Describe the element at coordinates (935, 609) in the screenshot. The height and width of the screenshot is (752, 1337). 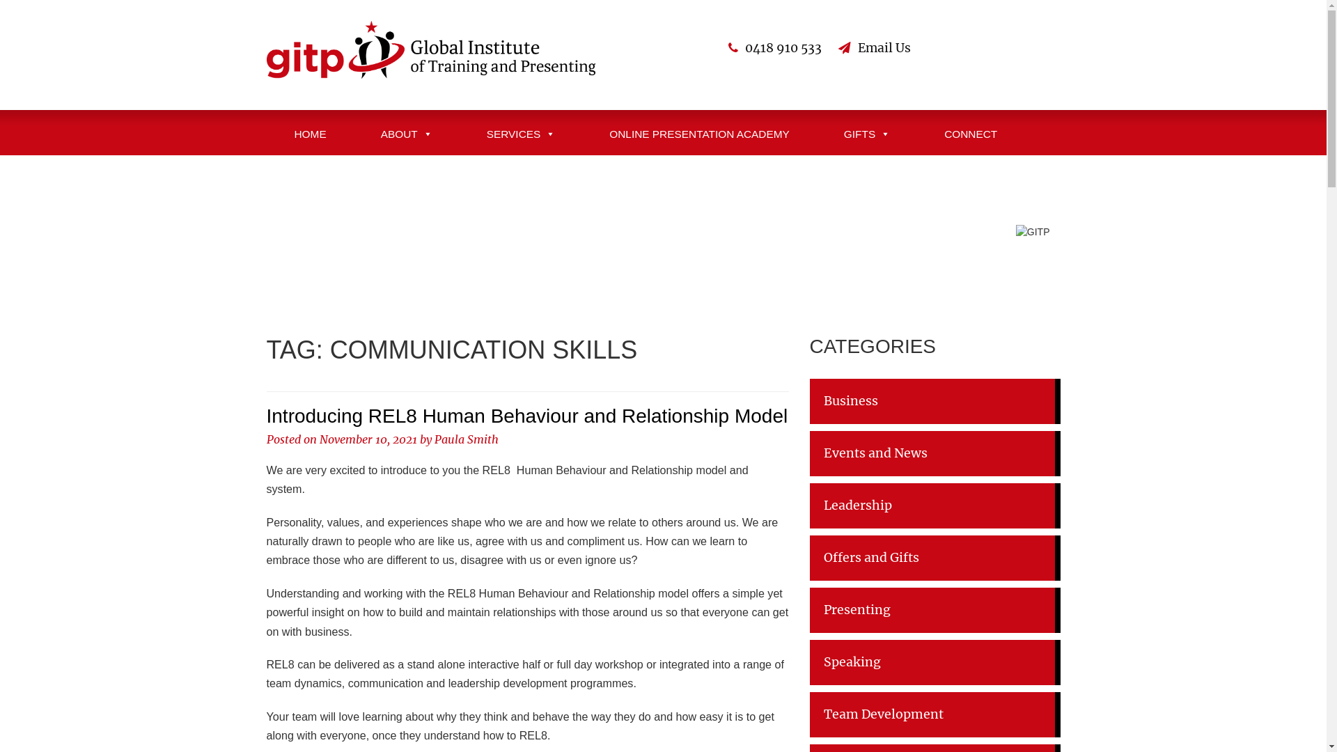
I see `'Presenting'` at that location.